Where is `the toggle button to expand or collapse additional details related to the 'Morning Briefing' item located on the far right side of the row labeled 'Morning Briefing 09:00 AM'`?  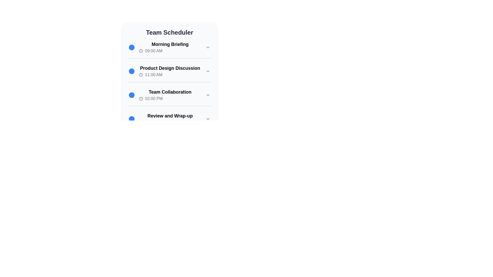
the toggle button to expand or collapse additional details related to the 'Morning Briefing' item located on the far right side of the row labeled 'Morning Briefing 09:00 AM' is located at coordinates (208, 47).